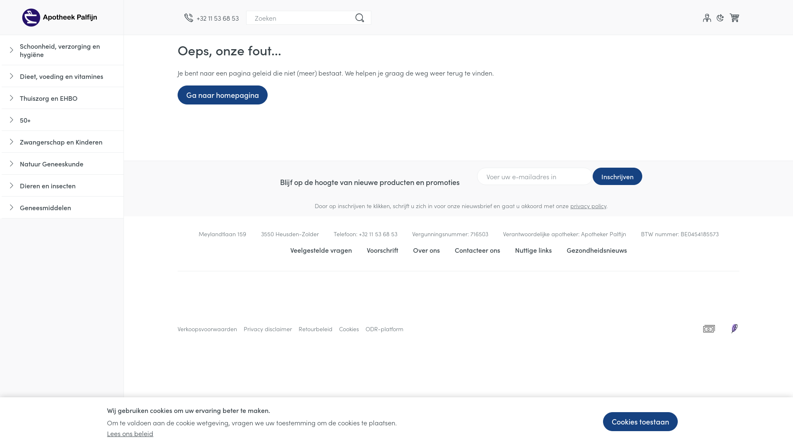  I want to click on 'Contacteer ons', so click(477, 249).